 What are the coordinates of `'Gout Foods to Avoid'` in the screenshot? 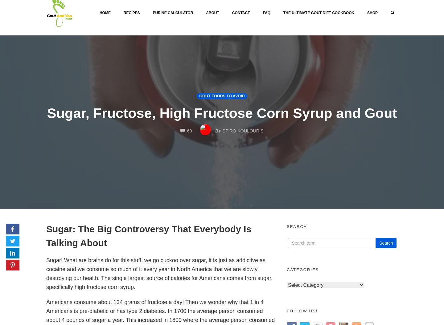 It's located at (222, 95).